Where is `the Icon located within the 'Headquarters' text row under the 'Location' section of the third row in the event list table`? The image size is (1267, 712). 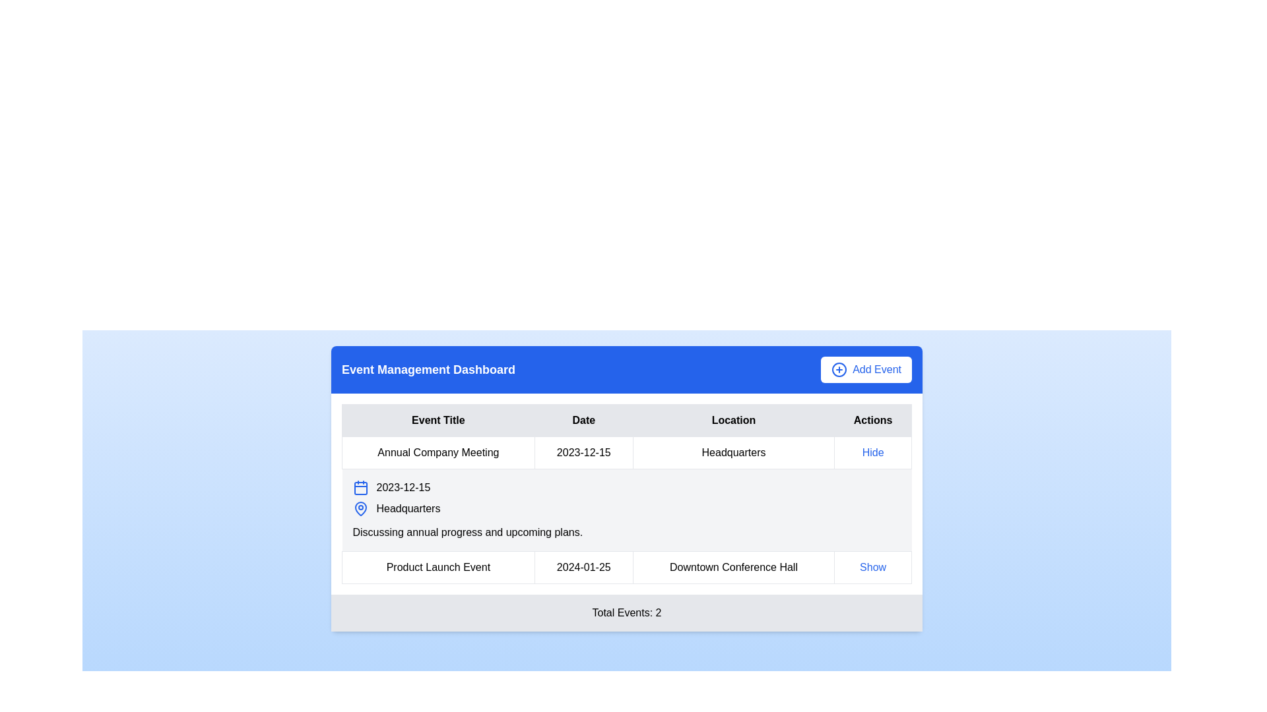
the Icon located within the 'Headquarters' text row under the 'Location' section of the third row in the event list table is located at coordinates (360, 508).